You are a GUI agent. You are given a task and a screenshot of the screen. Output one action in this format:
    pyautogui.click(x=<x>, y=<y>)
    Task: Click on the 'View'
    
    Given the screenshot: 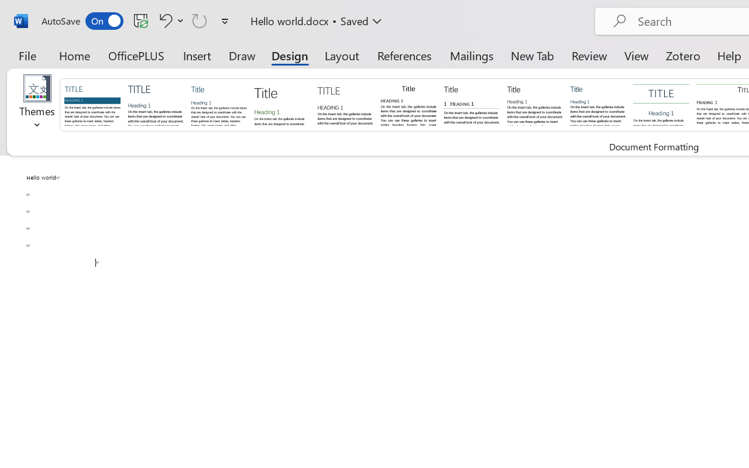 What is the action you would take?
    pyautogui.click(x=636, y=55)
    